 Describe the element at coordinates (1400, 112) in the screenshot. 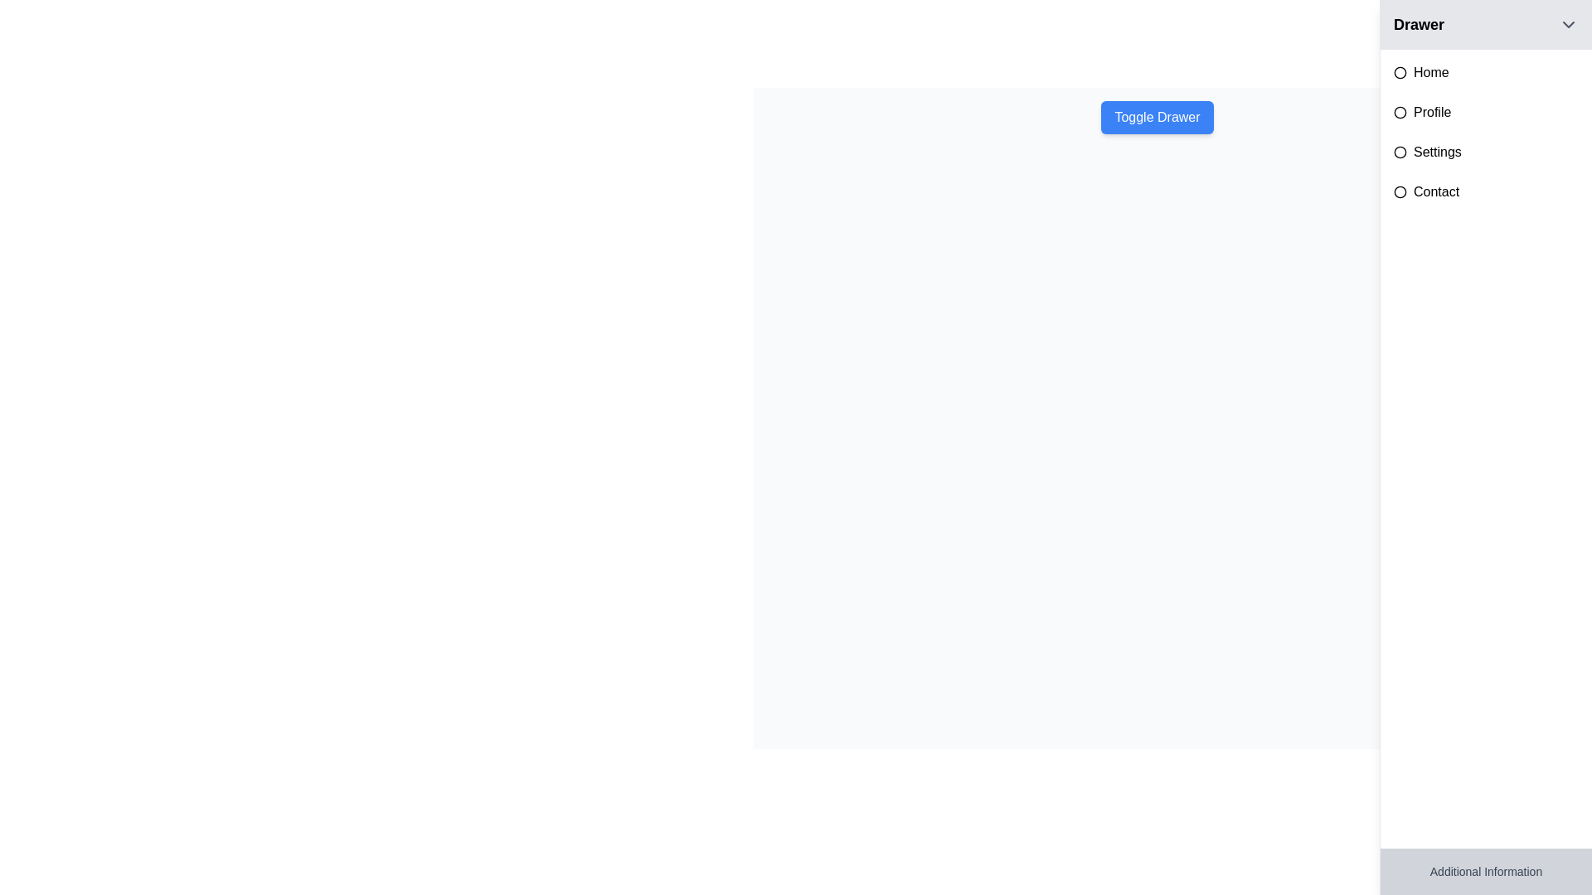

I see `the circular radio button with a thin black outline and a white center located next to the 'Profile' text in the navigation drawer` at that location.